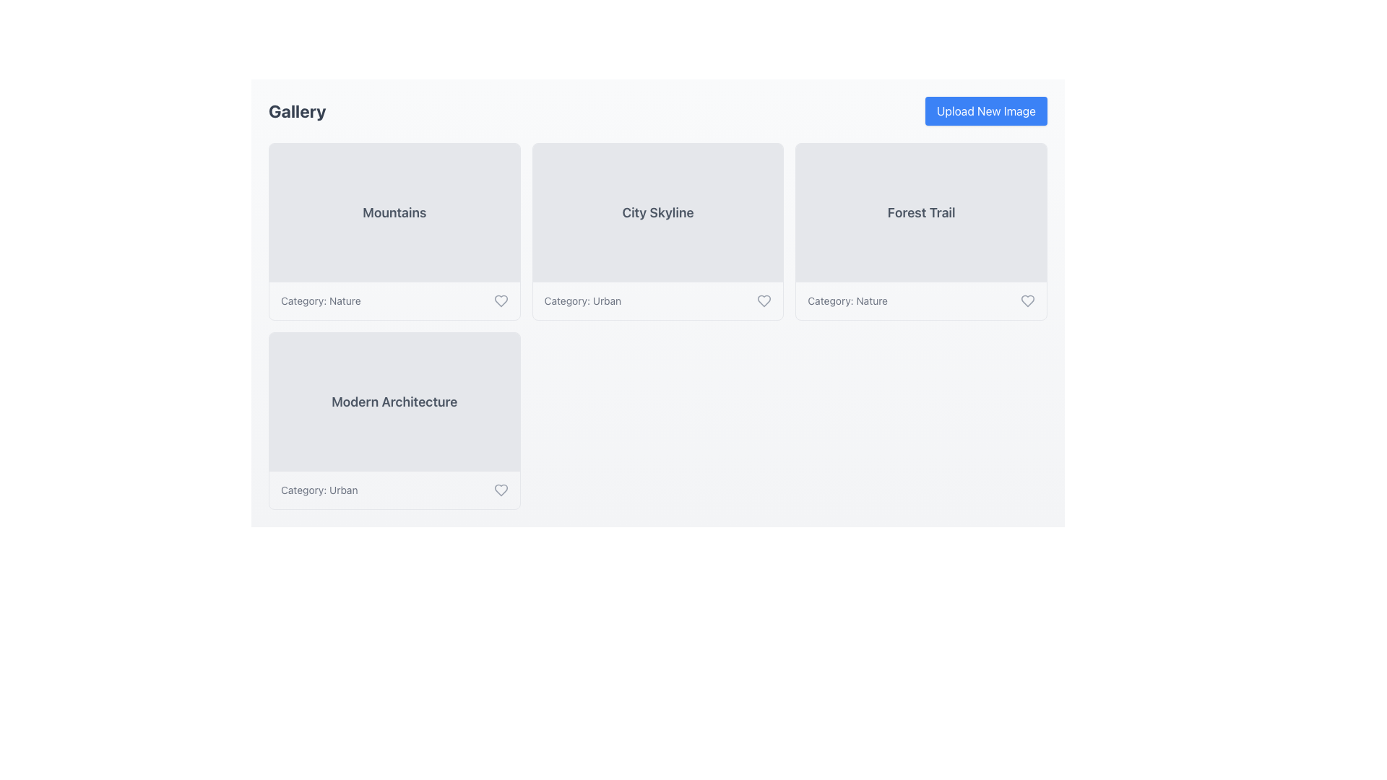 This screenshot has height=780, width=1387. I want to click on the heart-shaped icon located in the bottom right corner of the 'City Skyline' card to mark the item as favorite, so click(764, 300).